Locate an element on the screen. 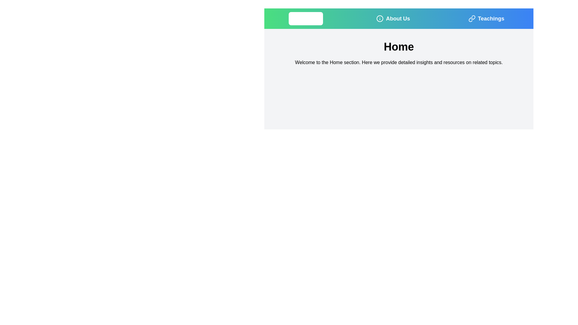 The width and height of the screenshot is (578, 325). the 'Teachings' navigation link styled as a button with a blue background for keyboard navigation is located at coordinates (486, 18).